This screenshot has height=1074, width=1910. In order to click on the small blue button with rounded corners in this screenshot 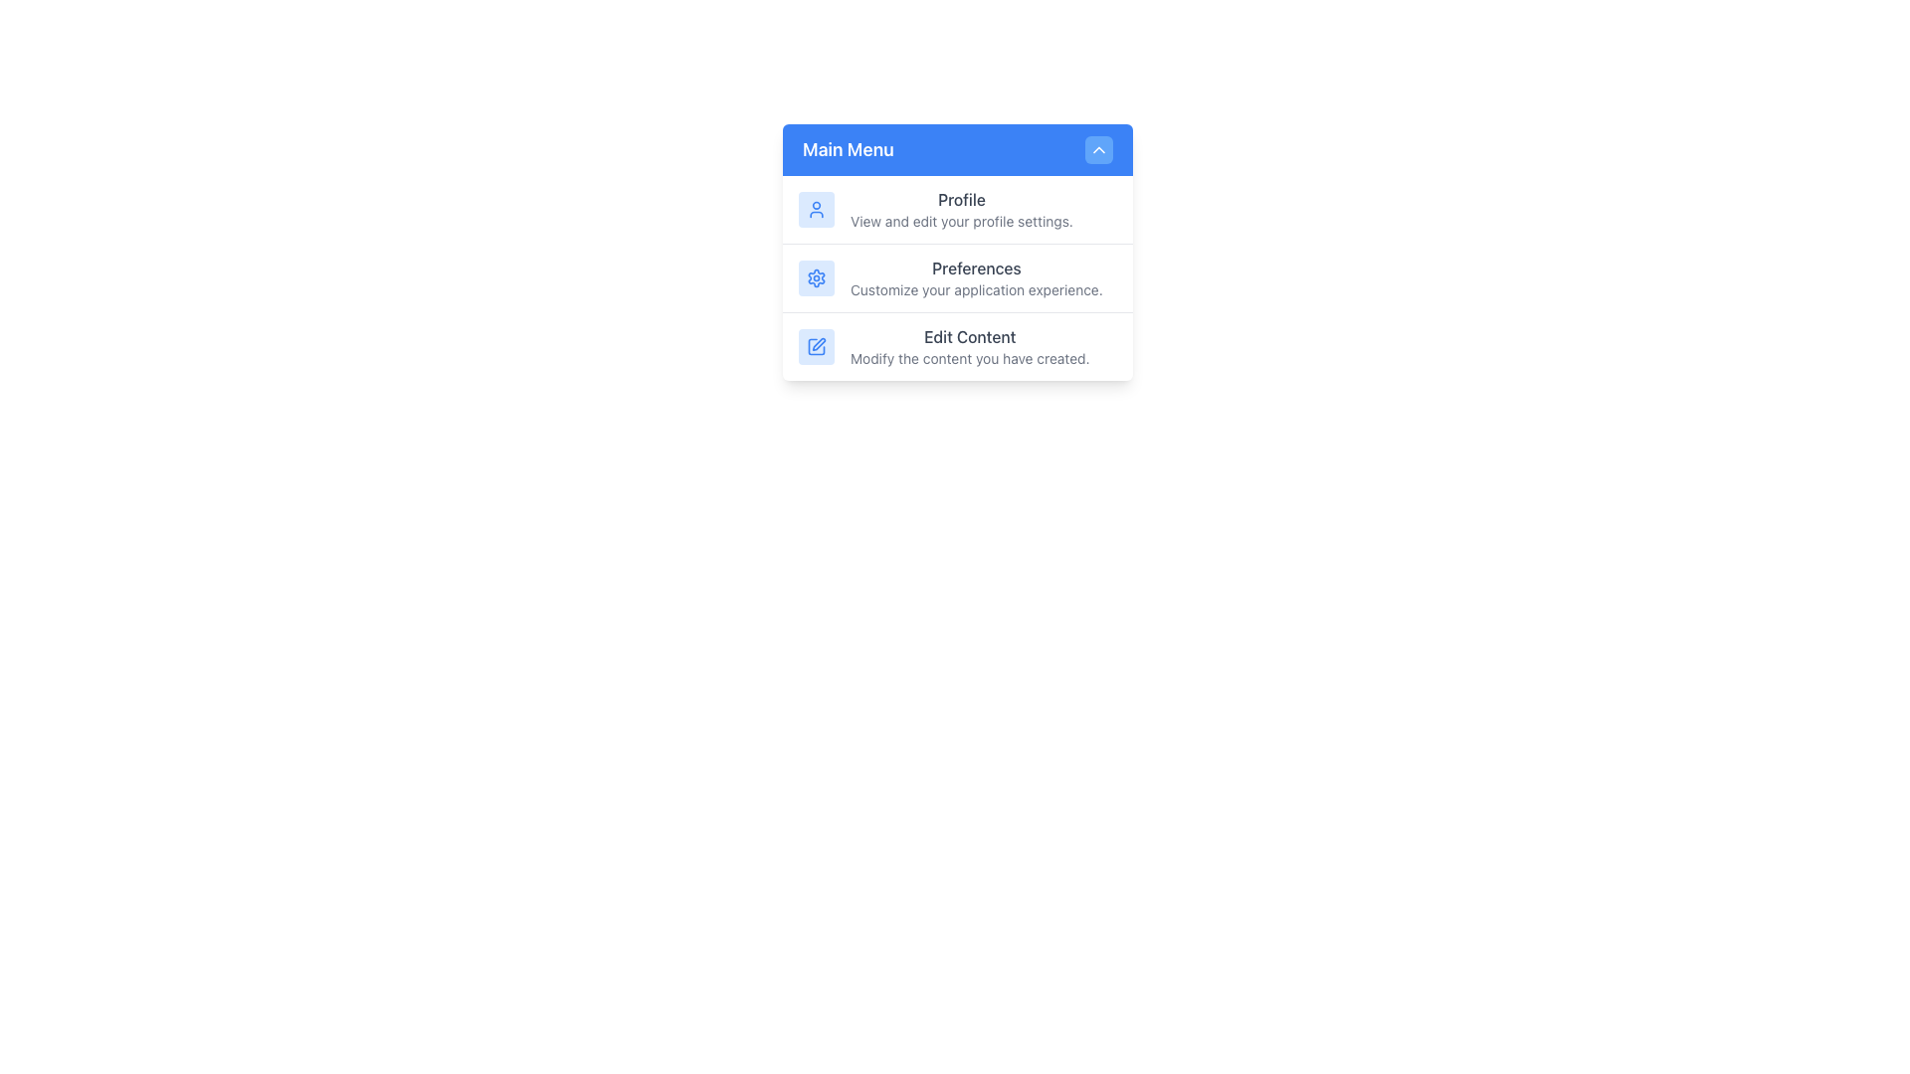, I will do `click(1097, 148)`.